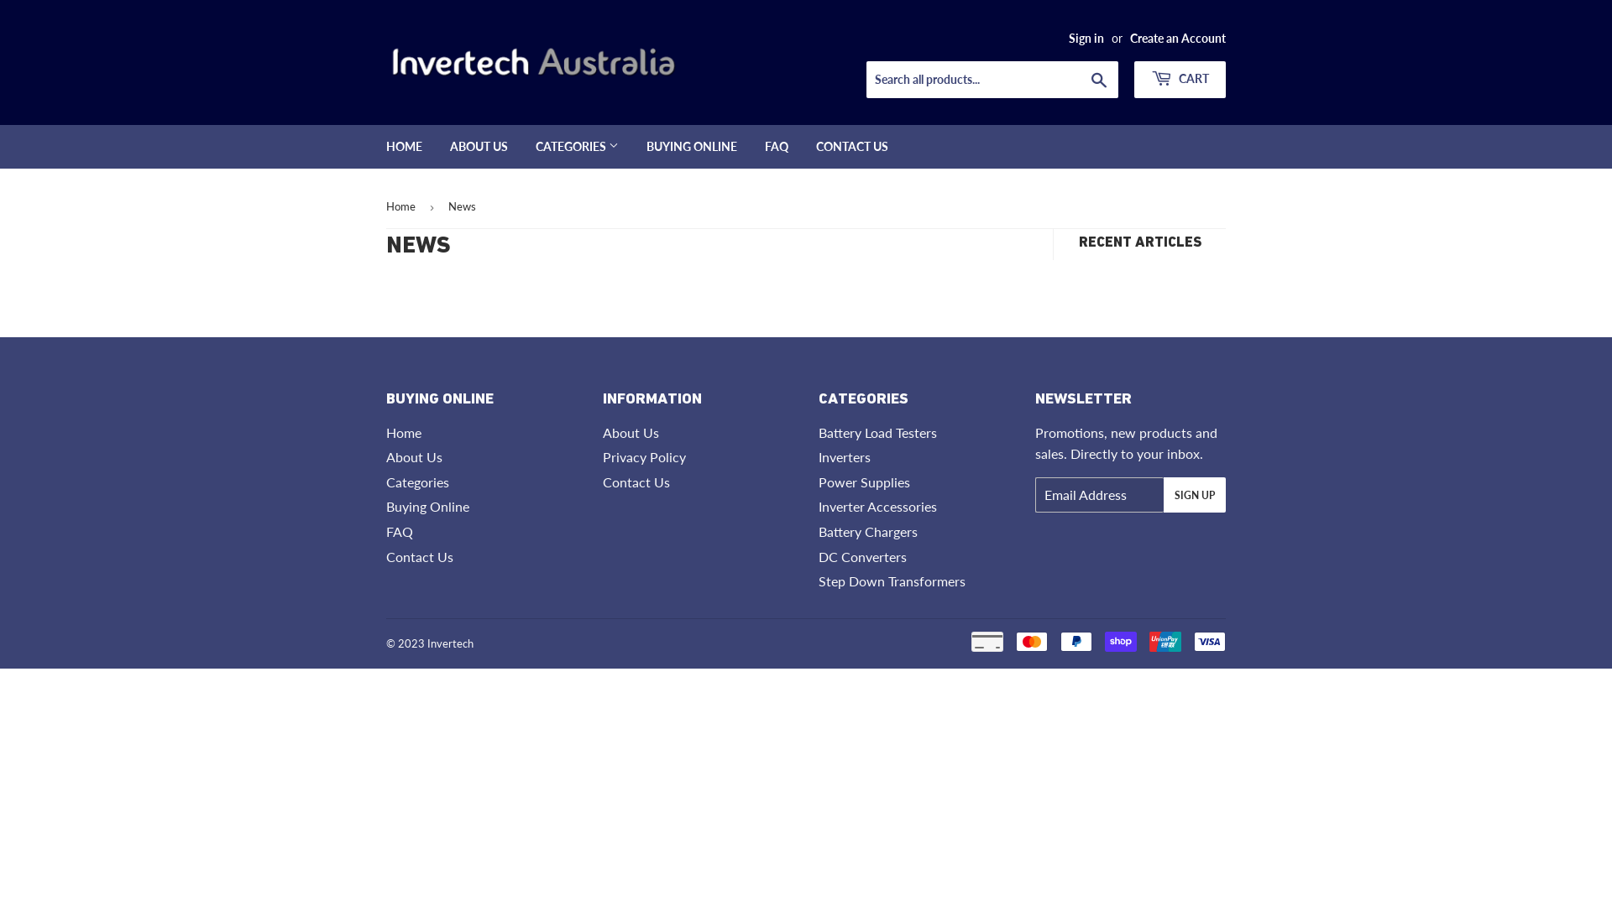  I want to click on 'Inverter Accessories', so click(877, 505).